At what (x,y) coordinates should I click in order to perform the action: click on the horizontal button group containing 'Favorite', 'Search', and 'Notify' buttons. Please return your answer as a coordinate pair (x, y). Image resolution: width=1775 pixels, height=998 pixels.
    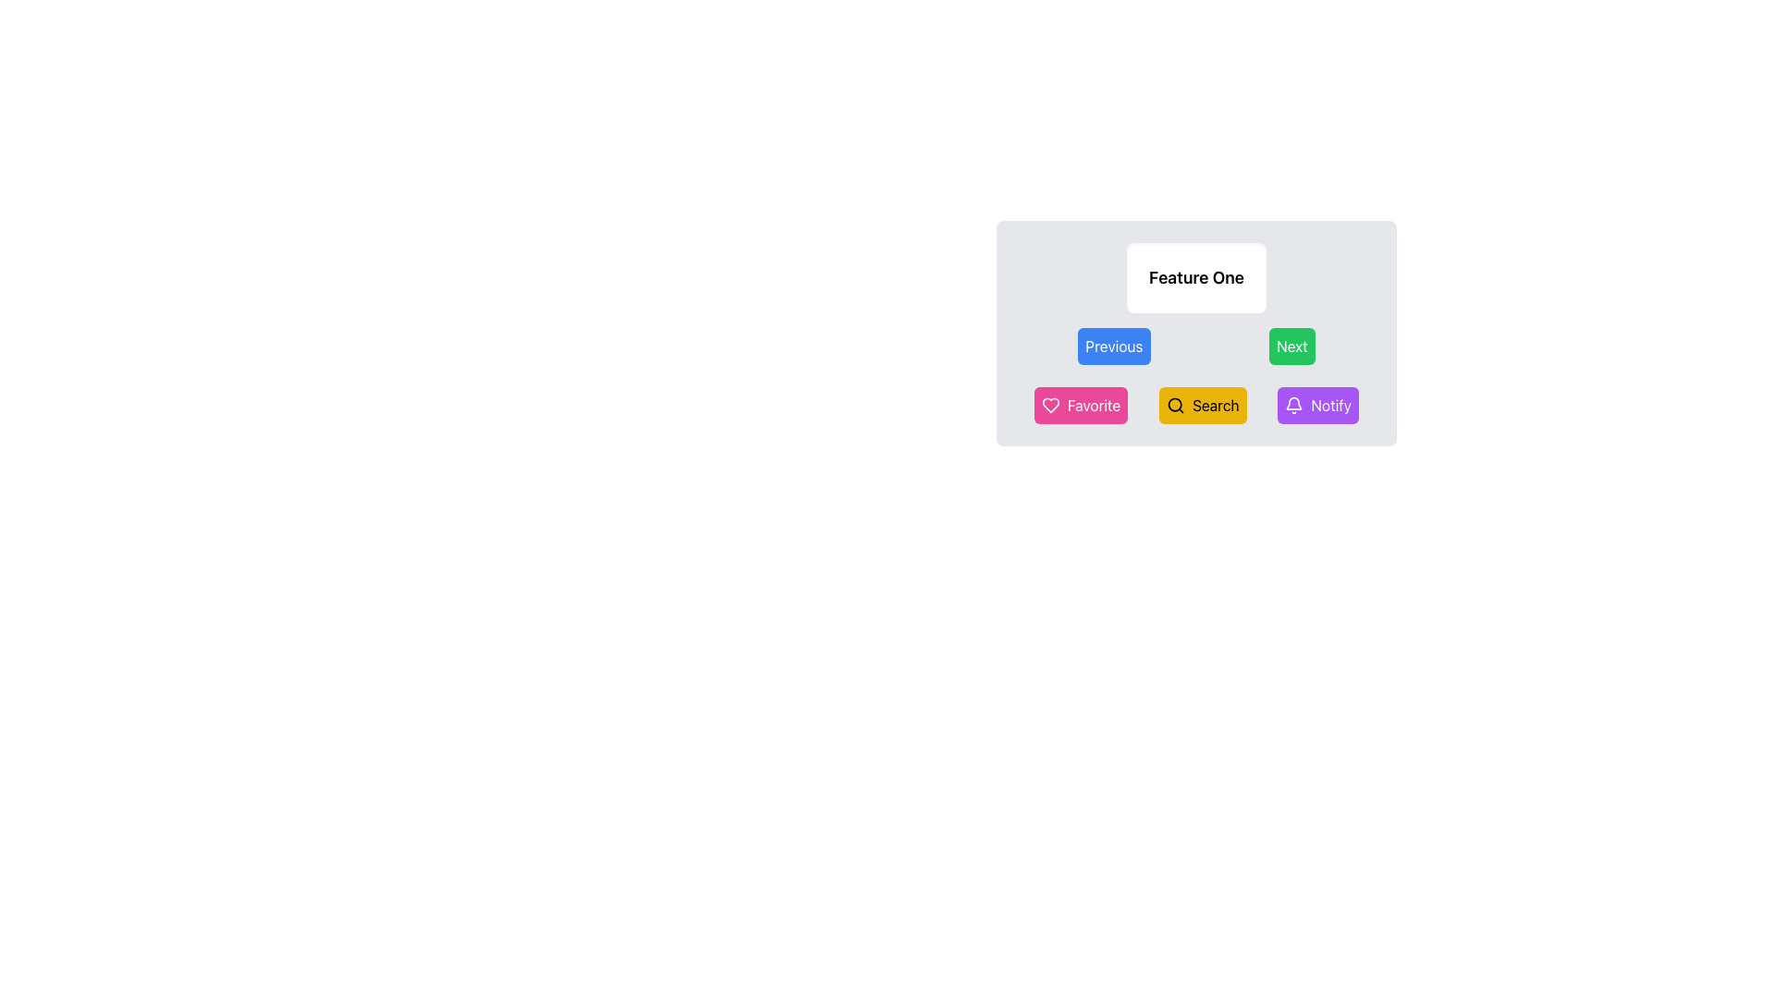
    Looking at the image, I should click on (1196, 405).